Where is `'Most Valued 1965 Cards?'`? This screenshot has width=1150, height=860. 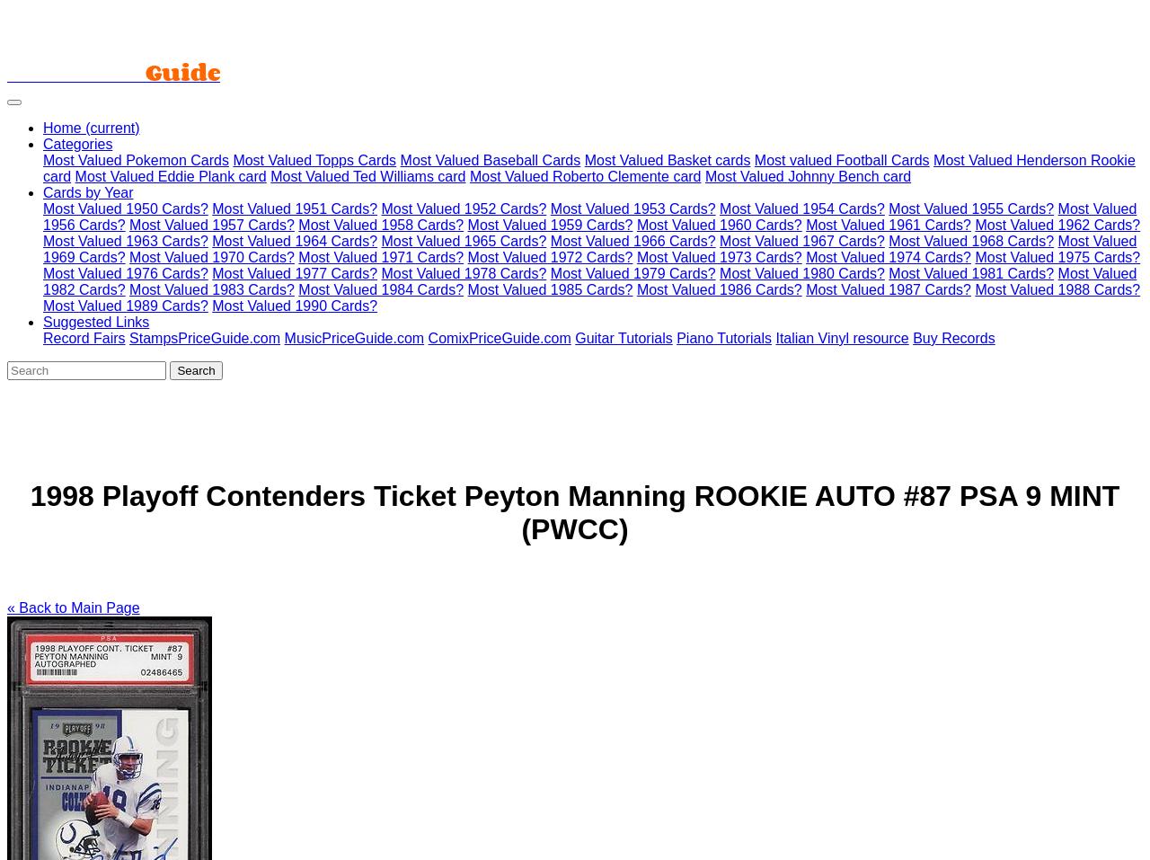
'Most Valued 1965 Cards?' is located at coordinates (463, 240).